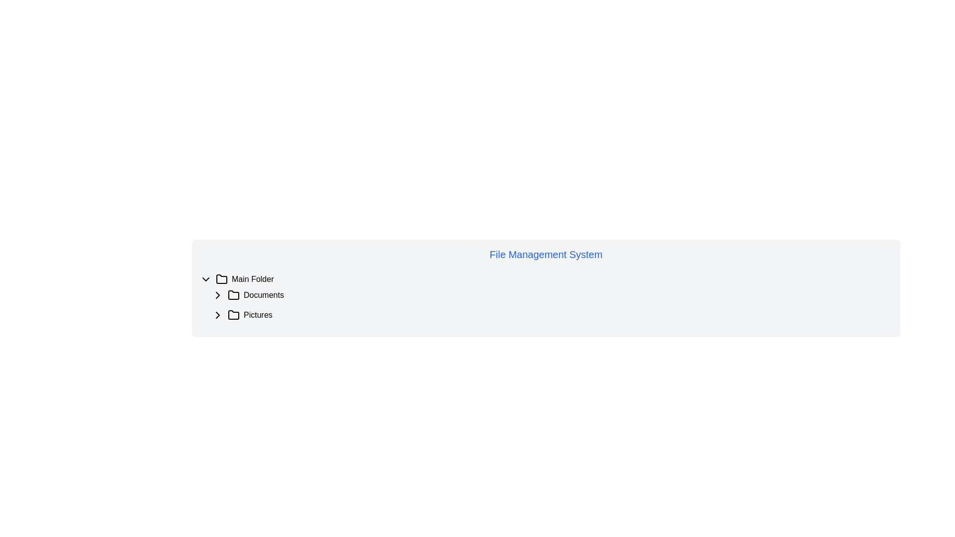  What do you see at coordinates (233, 295) in the screenshot?
I see `the SVG Icon representing the 'Documents' section in the file hierarchy, which is located to the left of the 'Documents' label` at bounding box center [233, 295].